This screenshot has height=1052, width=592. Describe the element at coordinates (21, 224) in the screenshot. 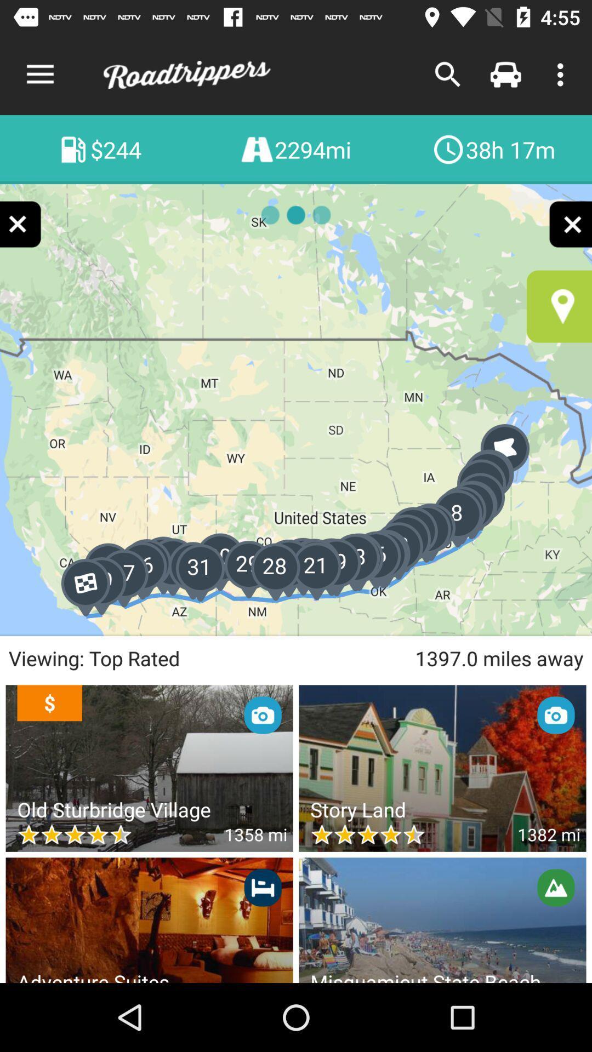

I see `the close icon` at that location.